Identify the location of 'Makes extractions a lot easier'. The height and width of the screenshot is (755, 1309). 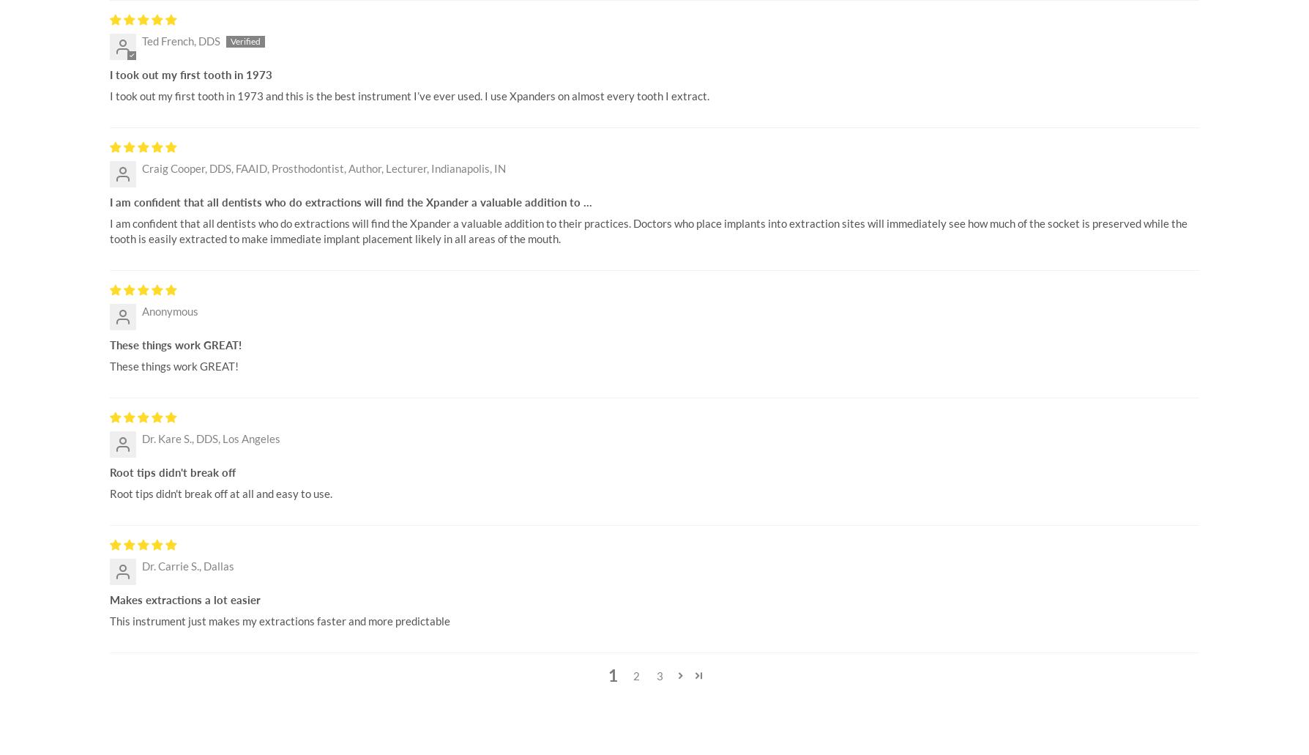
(184, 599).